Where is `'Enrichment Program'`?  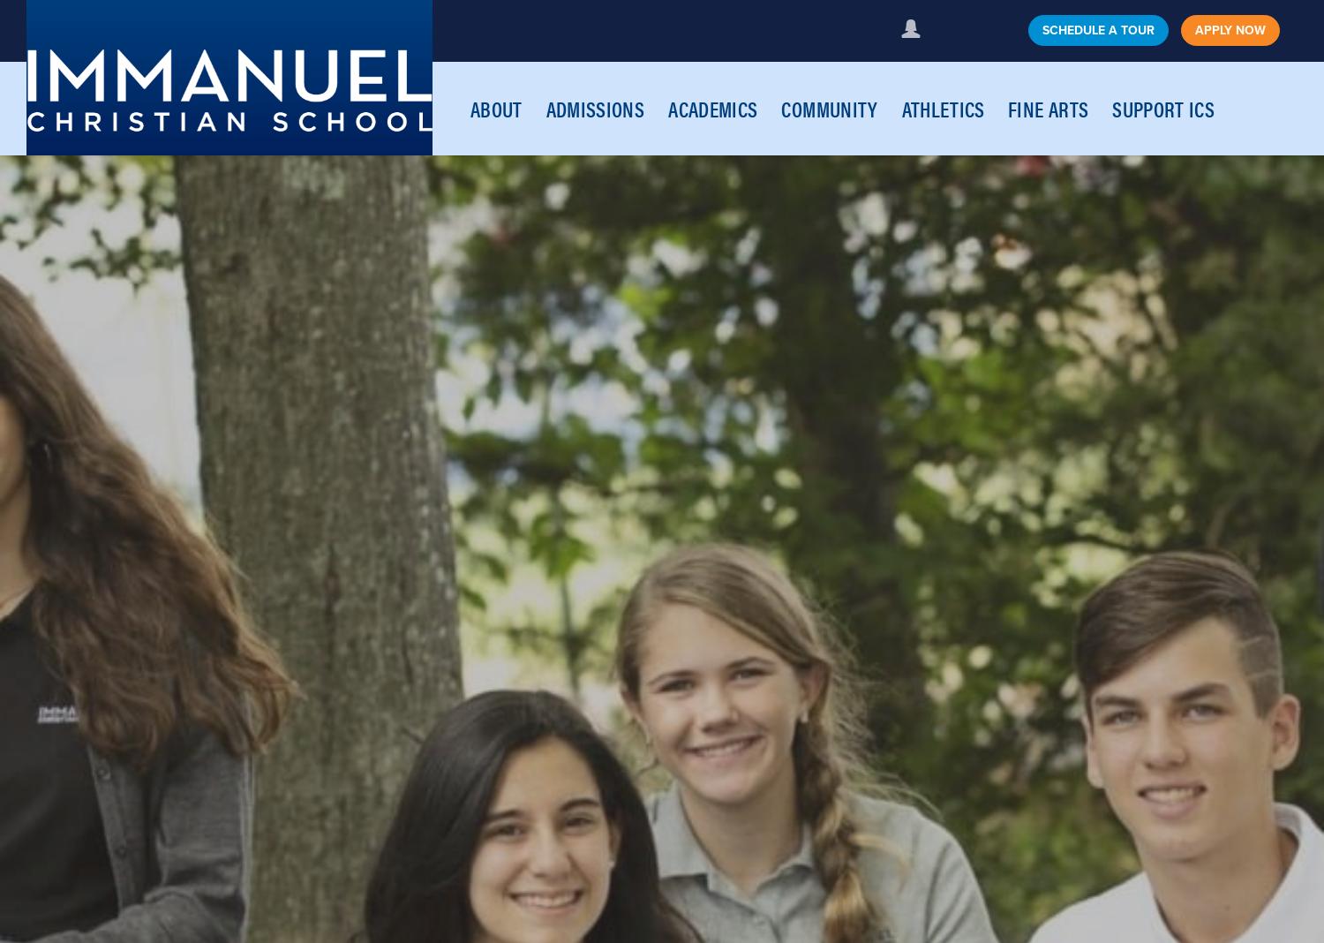
'Enrichment Program' is located at coordinates (1059, 223).